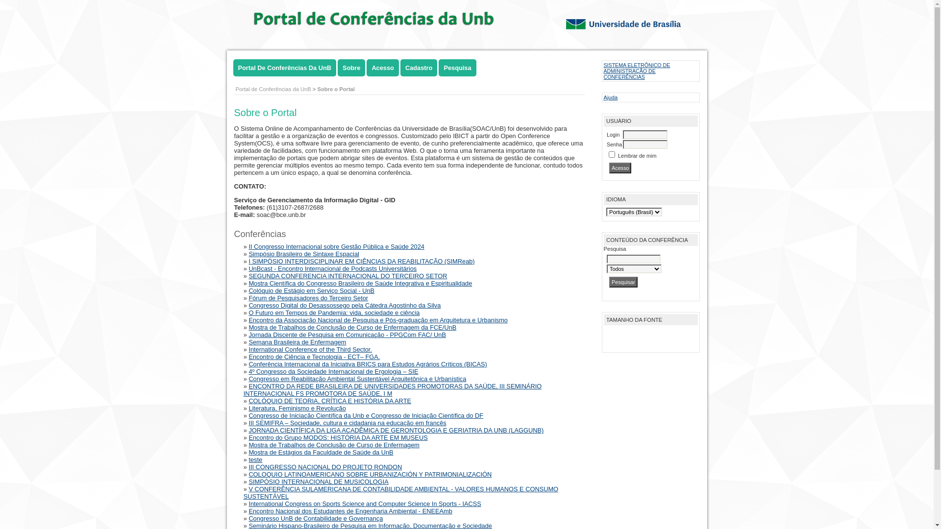 The height and width of the screenshot is (529, 941). Describe the element at coordinates (297, 341) in the screenshot. I see `'Semana Brasileira de Enfermagem'` at that location.